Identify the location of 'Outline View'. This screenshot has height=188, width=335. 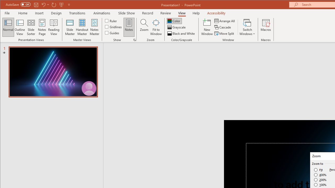
(20, 27).